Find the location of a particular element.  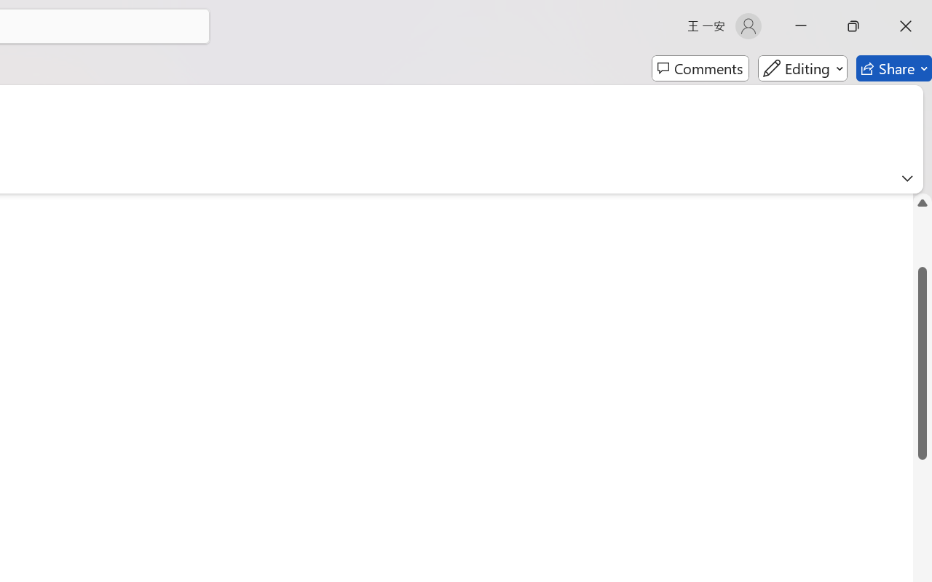

'Editing' is located at coordinates (802, 68).